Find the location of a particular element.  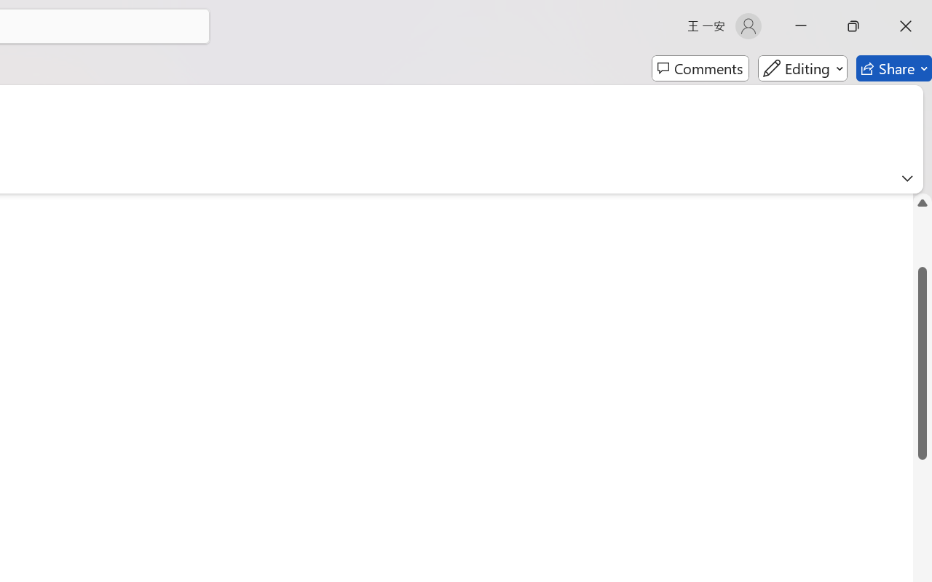

'Editing' is located at coordinates (802, 68).